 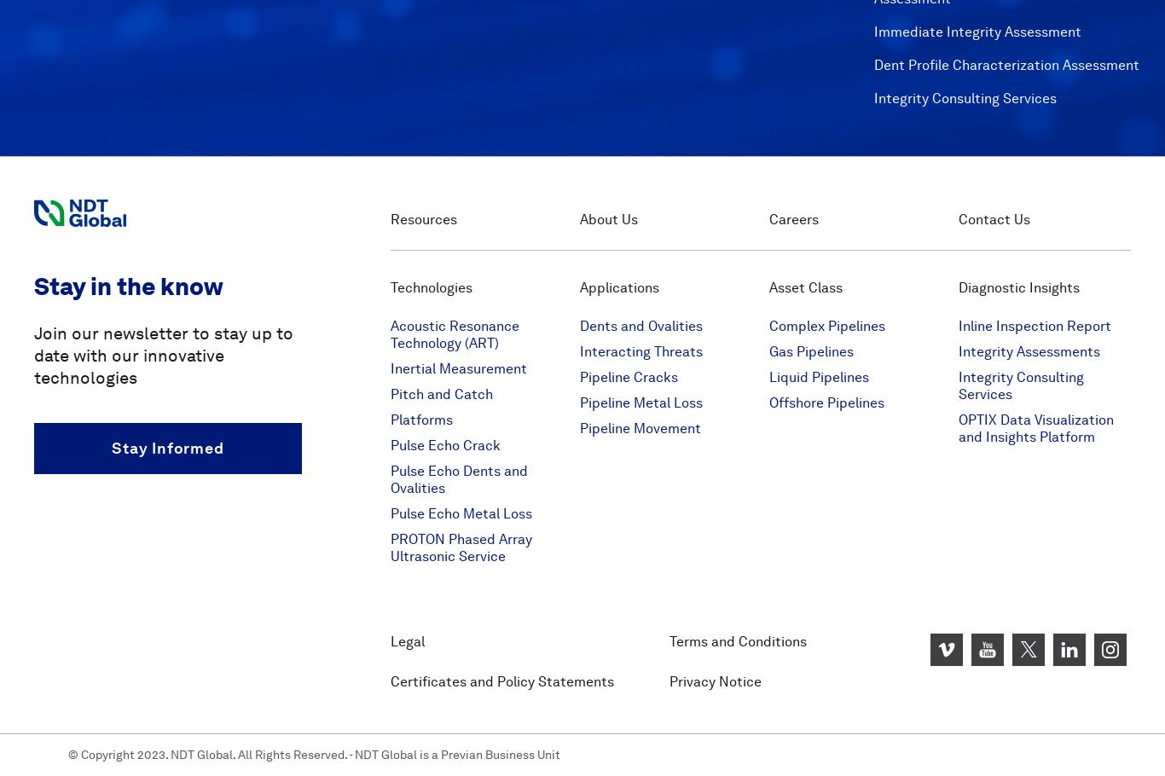 I want to click on 'Dent Profile Characterization Assessment', so click(x=1006, y=63).